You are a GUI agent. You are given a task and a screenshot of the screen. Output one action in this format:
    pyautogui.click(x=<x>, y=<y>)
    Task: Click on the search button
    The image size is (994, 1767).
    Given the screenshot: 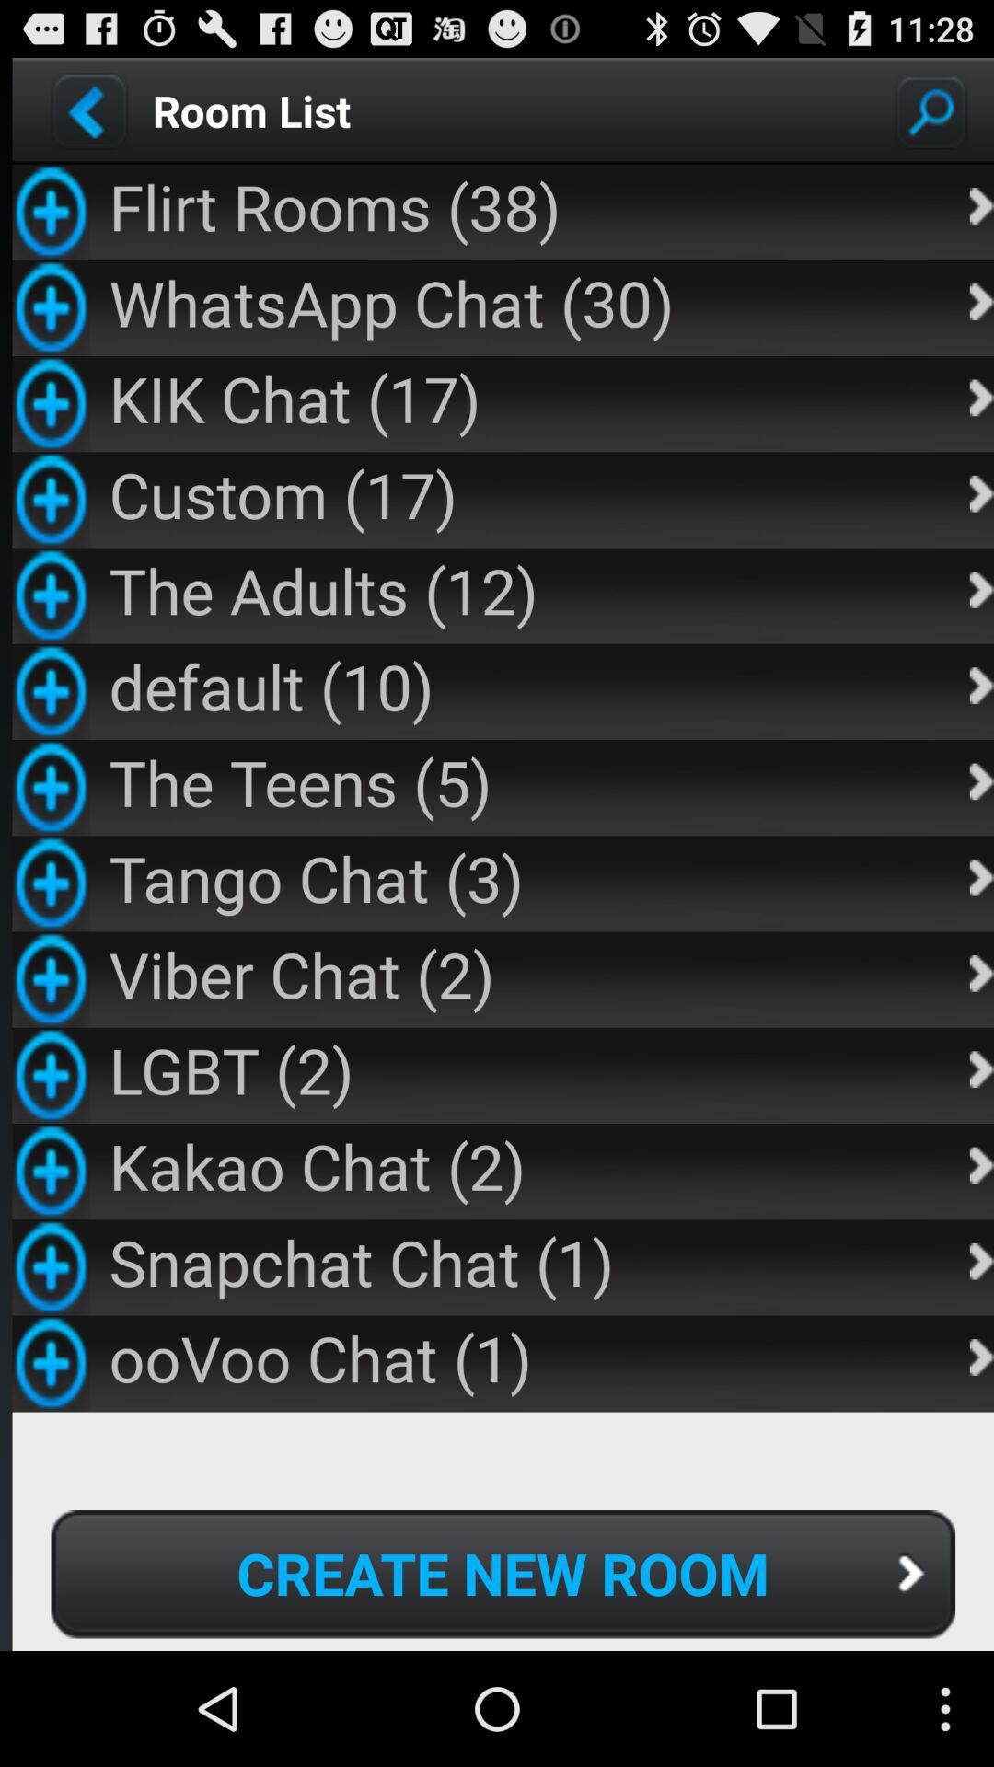 What is the action you would take?
    pyautogui.click(x=930, y=110)
    